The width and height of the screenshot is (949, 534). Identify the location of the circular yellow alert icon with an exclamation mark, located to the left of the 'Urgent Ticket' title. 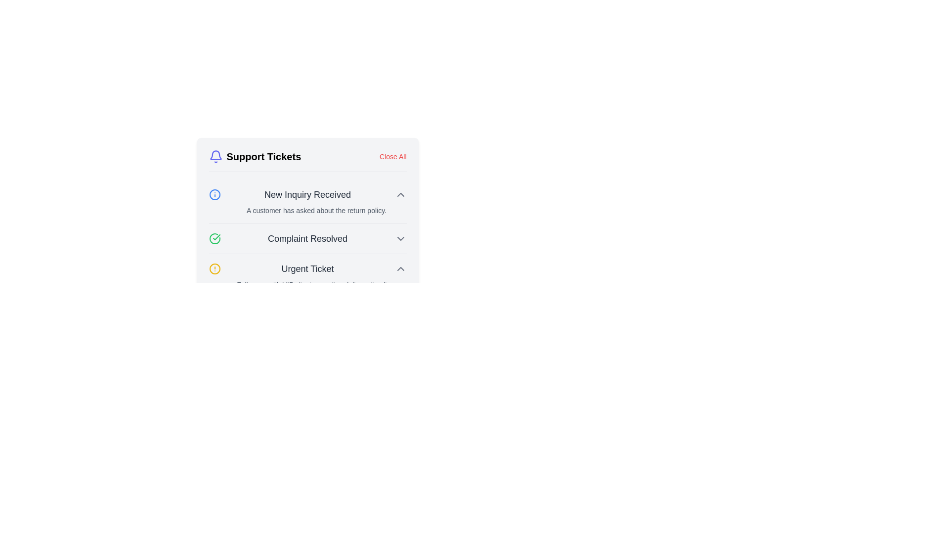
(214, 268).